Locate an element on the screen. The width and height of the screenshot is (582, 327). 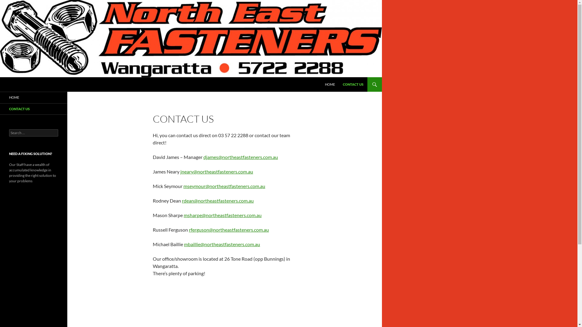
'Search' is located at coordinates (12, 3).